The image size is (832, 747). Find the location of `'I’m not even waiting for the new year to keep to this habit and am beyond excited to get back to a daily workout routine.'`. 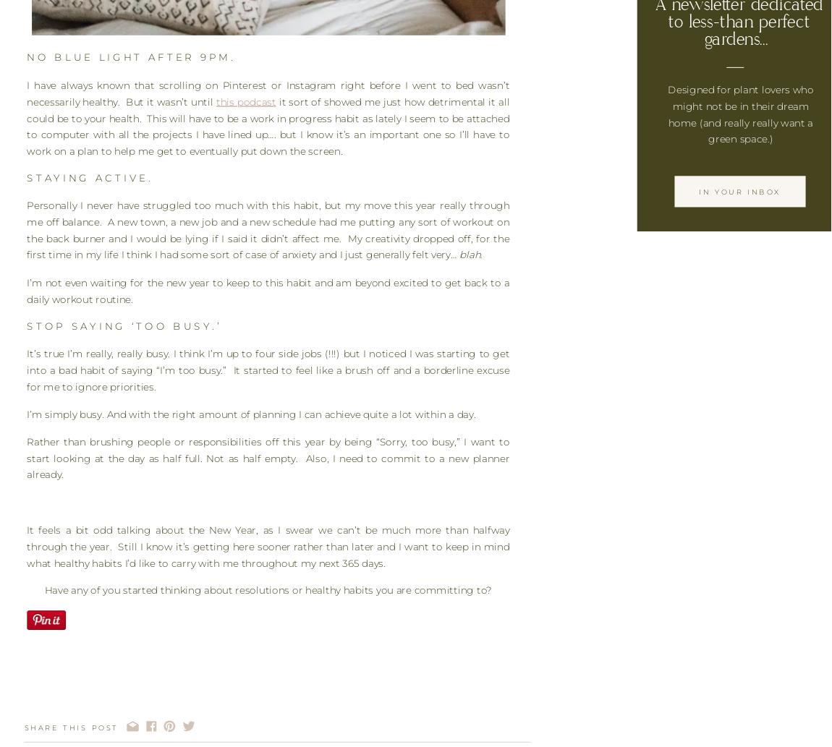

'I’m not even waiting for the new year to keep to this habit and am beyond excited to get back to a daily workout routine.' is located at coordinates (26, 291).